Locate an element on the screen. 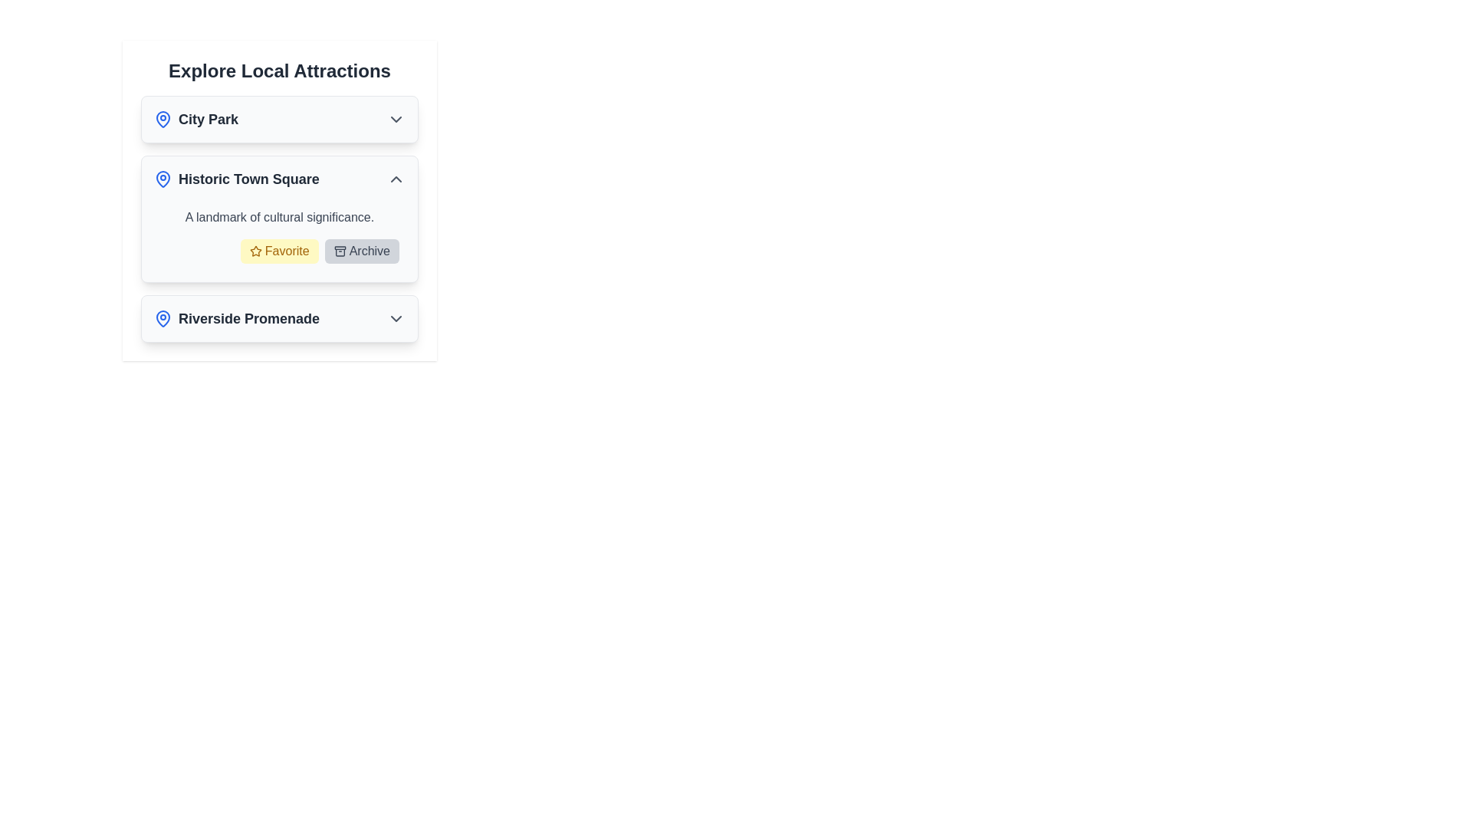 This screenshot has height=828, width=1472. the pin-shaped icon representing the 'City Park' attraction, located at the top-left corner of the 'City Park' card is located at coordinates (163, 118).